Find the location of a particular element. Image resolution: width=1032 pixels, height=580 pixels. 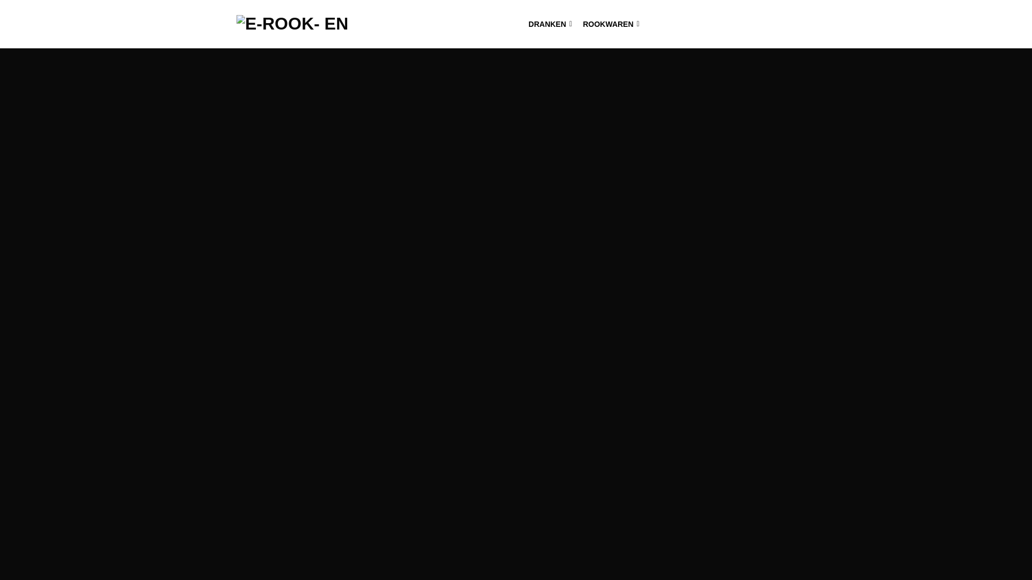

'ROOKWAREN' is located at coordinates (577, 24).